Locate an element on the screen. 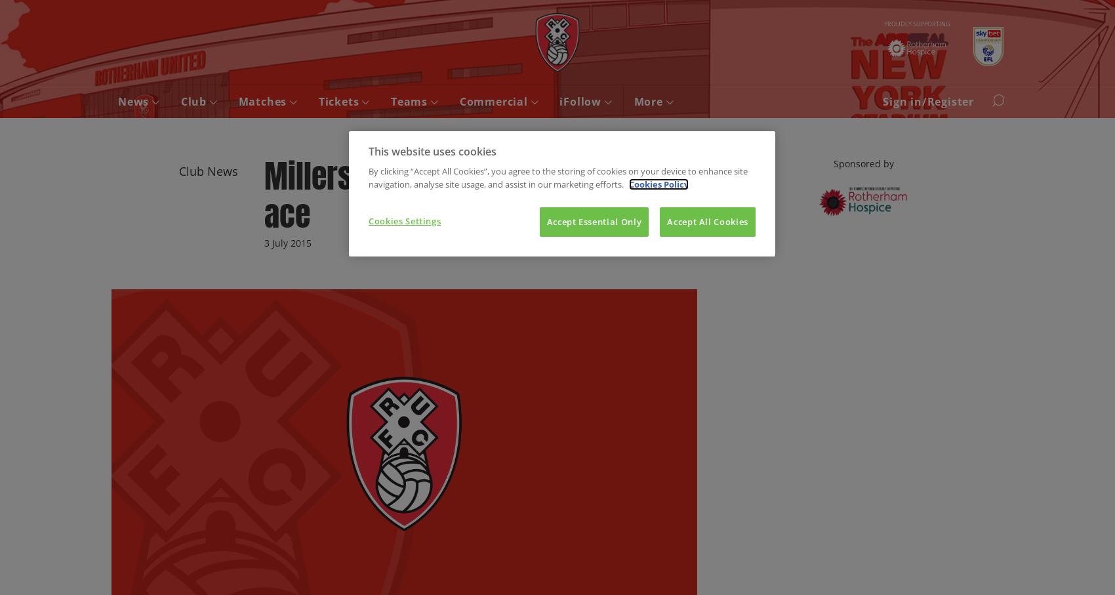 Image resolution: width=1115 pixels, height=595 pixels. 'Proudly supporting' is located at coordinates (916, 22).